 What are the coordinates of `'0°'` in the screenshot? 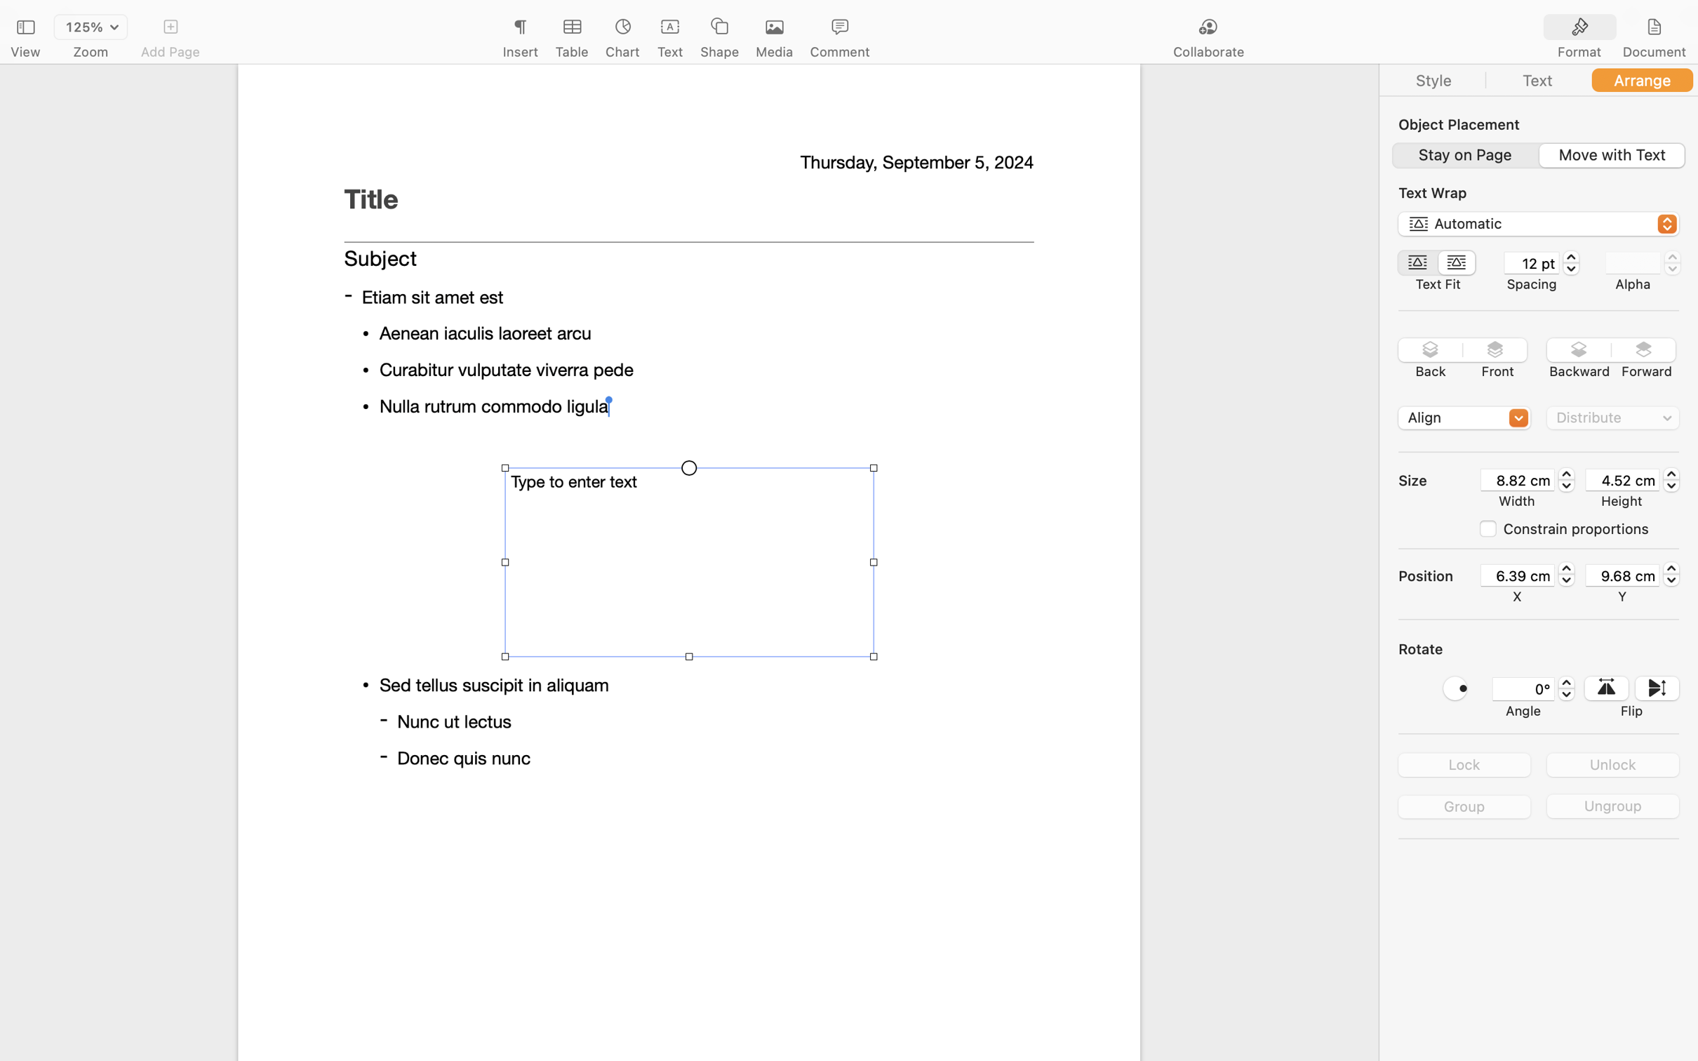 It's located at (1523, 688).